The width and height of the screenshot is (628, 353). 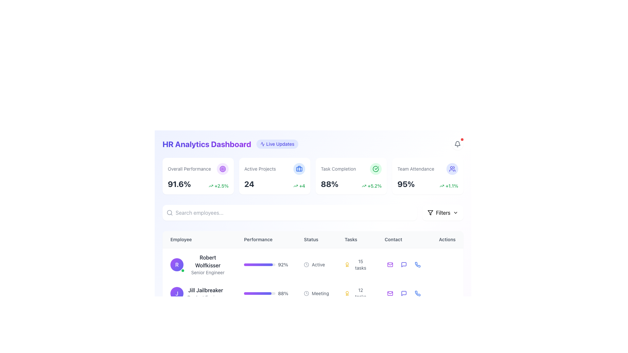 What do you see at coordinates (183, 271) in the screenshot?
I see `the status indicator located at the bottom-right corner of the circular profile icon with the letter 'R' on a purple background, positioned in the leftmost column of the table under the 'Employee' header` at bounding box center [183, 271].